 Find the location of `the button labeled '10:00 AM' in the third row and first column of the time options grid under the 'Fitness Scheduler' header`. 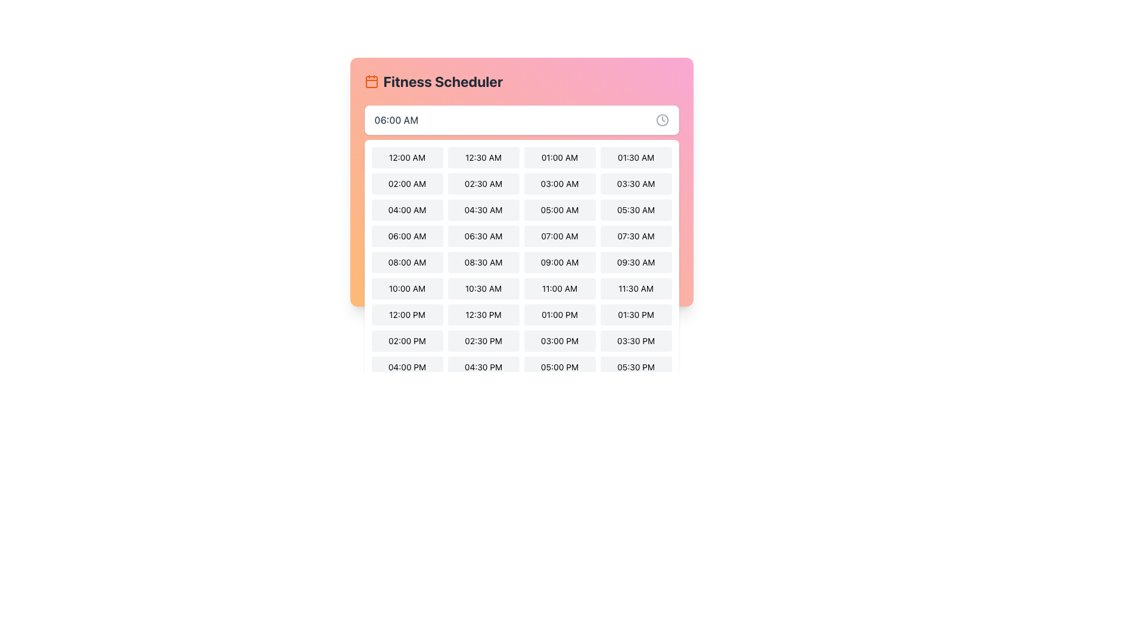

the button labeled '10:00 AM' in the third row and first column of the time options grid under the 'Fitness Scheduler' header is located at coordinates (407, 289).